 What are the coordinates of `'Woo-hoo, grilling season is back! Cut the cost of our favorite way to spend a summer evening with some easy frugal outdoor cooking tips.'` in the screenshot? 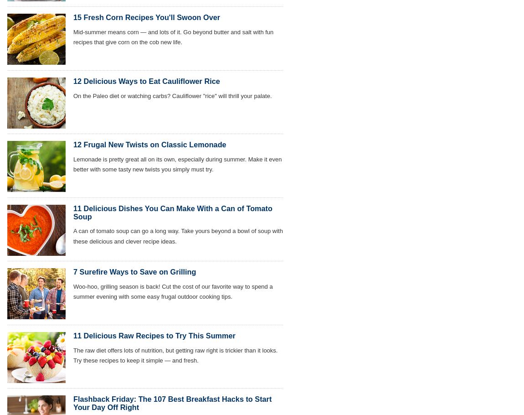 It's located at (173, 291).